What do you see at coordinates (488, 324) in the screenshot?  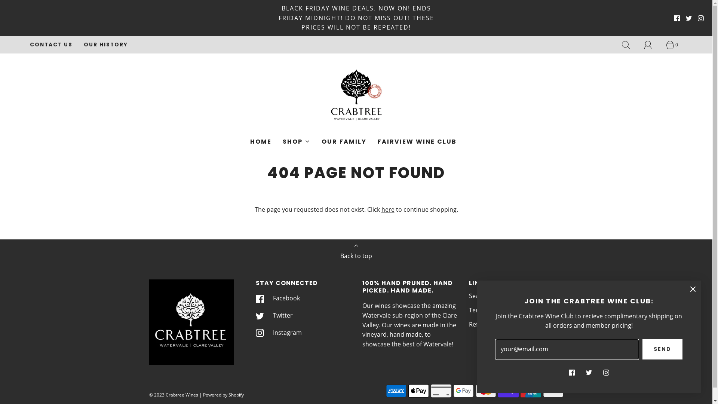 I see `'Refund policy'` at bounding box center [488, 324].